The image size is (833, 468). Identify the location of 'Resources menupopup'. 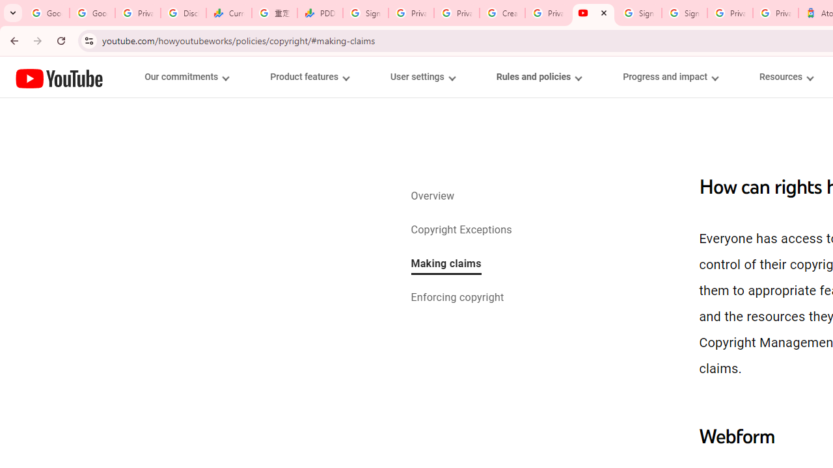
(785, 77).